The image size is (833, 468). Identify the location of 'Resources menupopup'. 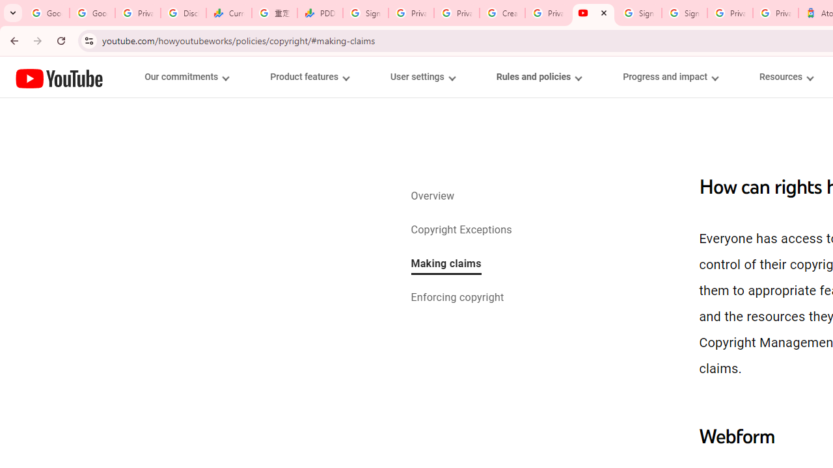
(785, 77).